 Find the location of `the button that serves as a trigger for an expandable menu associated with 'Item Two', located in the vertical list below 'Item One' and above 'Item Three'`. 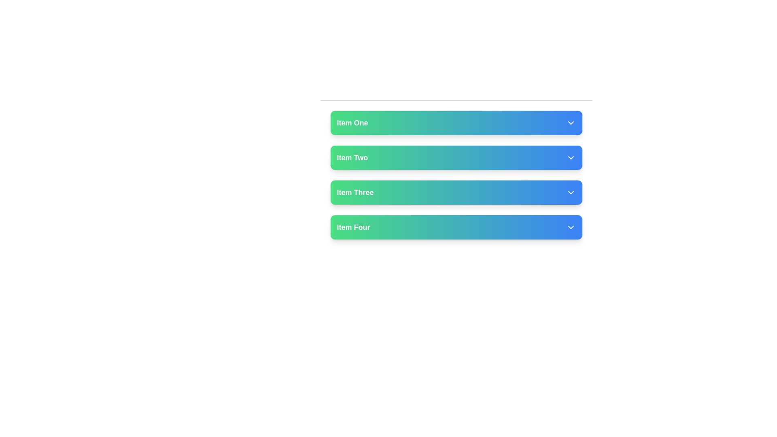

the button that serves as a trigger for an expandable menu associated with 'Item Two', located in the vertical list below 'Item One' and above 'Item Three' is located at coordinates (456, 157).